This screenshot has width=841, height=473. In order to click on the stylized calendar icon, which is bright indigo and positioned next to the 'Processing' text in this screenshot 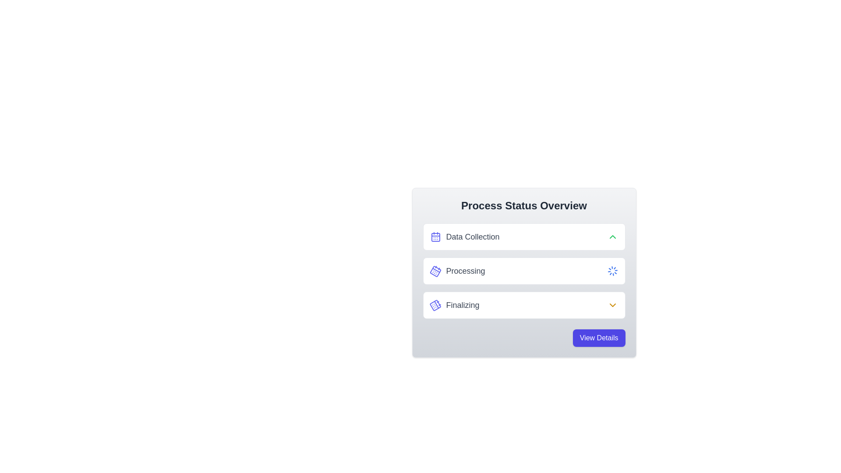, I will do `click(435, 270)`.